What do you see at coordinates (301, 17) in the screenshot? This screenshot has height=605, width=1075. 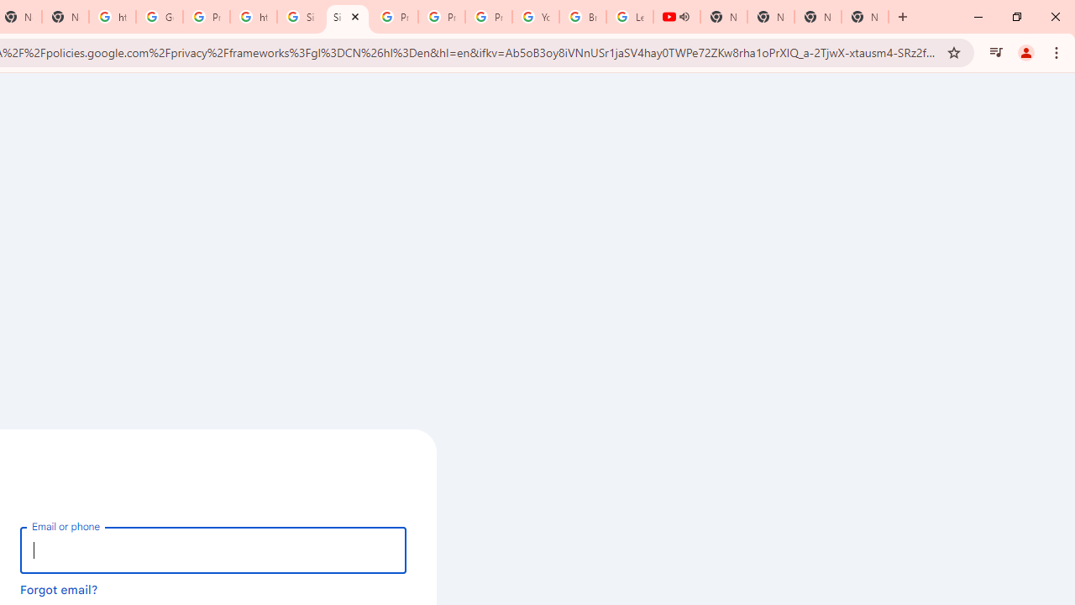 I see `'Sign in - Google Accounts'` at bounding box center [301, 17].